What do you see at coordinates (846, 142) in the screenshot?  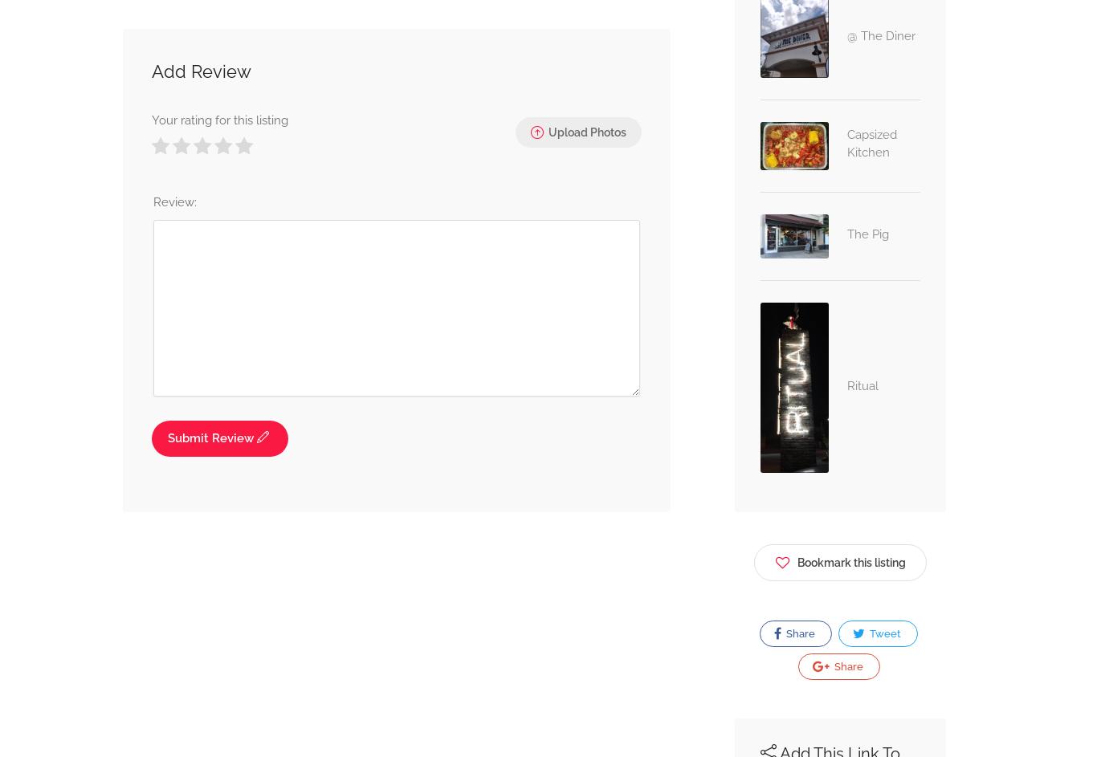 I see `'Capsized Kitchen'` at bounding box center [846, 142].